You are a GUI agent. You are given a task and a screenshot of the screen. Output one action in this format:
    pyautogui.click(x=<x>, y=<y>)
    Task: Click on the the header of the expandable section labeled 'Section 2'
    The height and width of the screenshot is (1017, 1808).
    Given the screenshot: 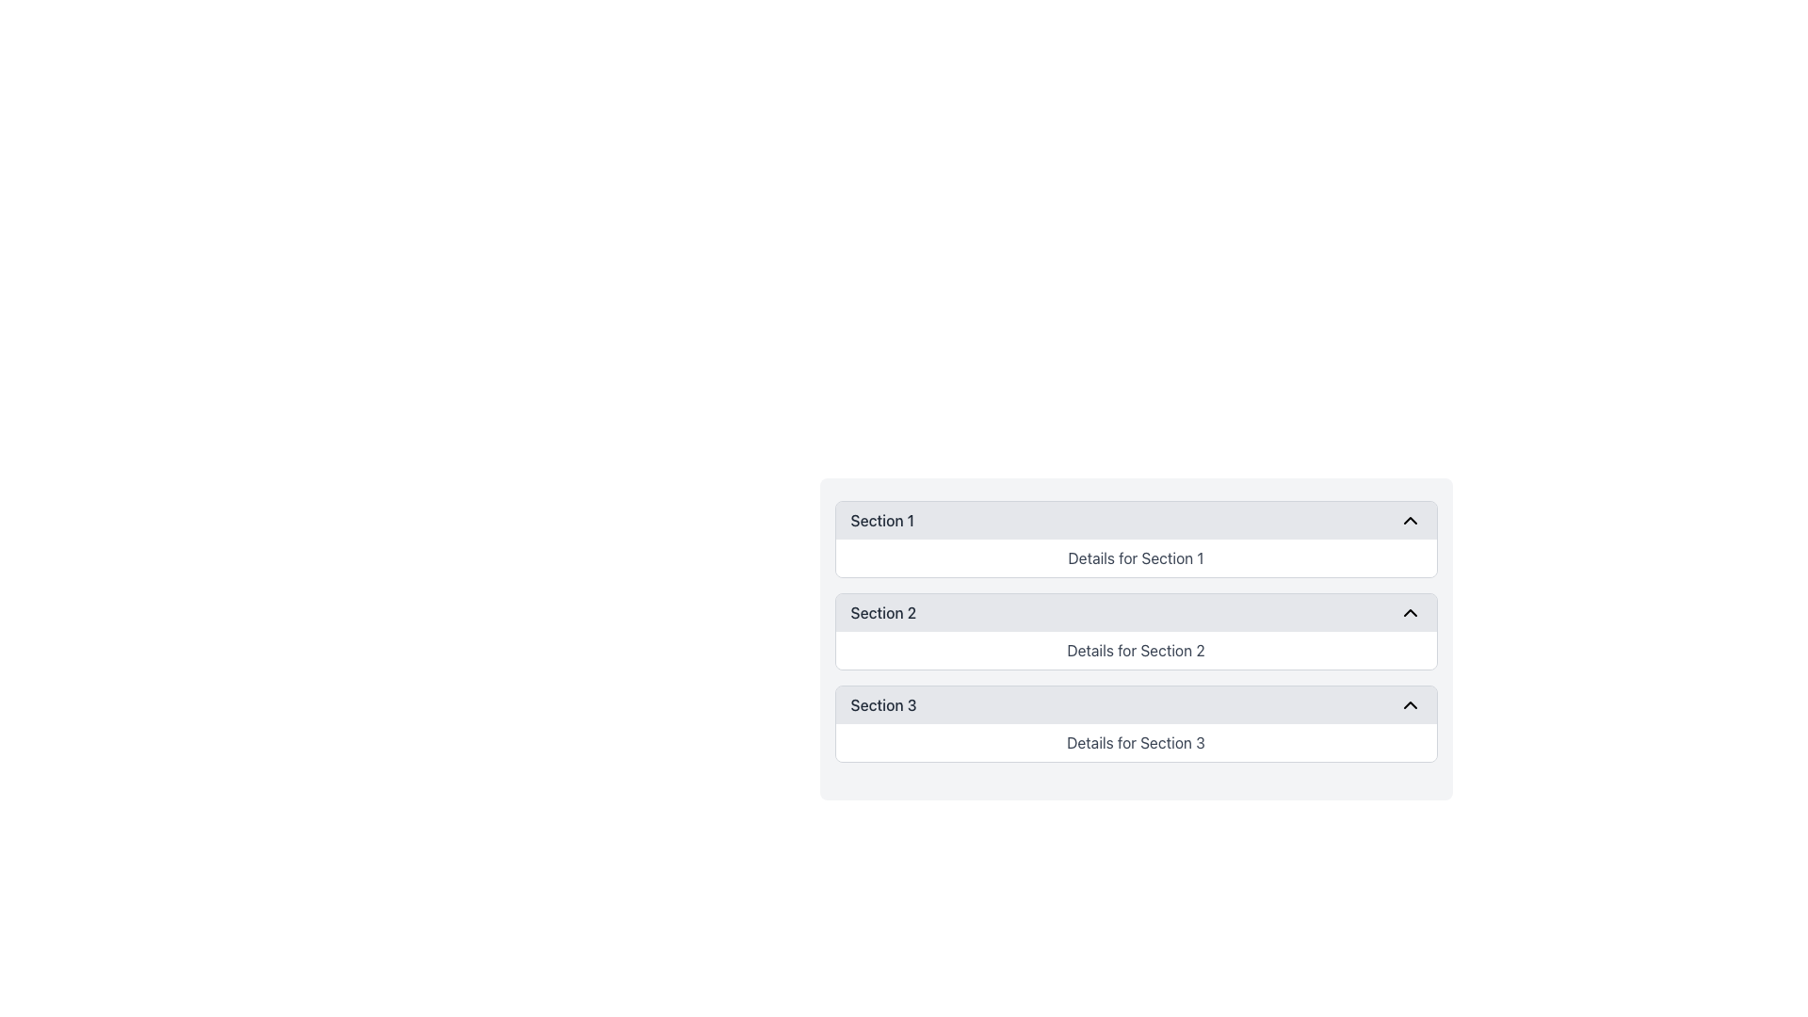 What is the action you would take?
    pyautogui.click(x=1135, y=632)
    